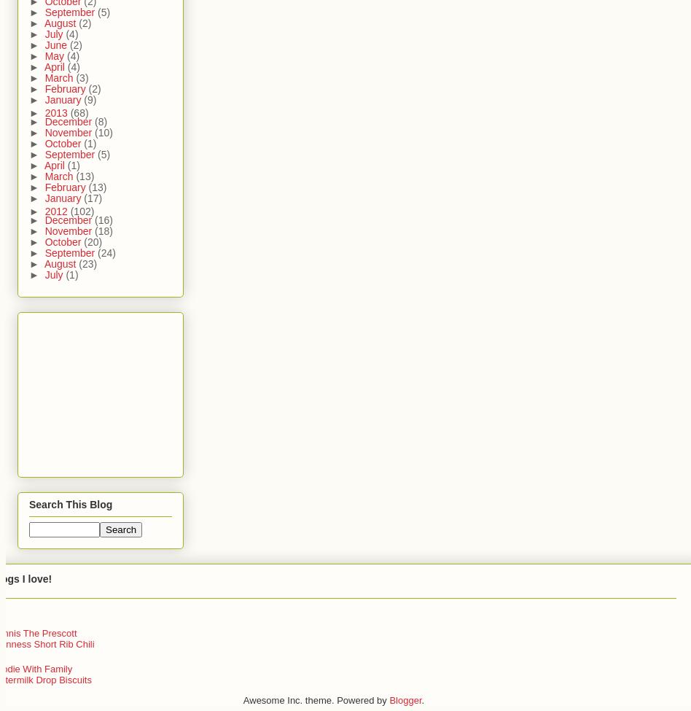 The image size is (691, 711). What do you see at coordinates (87, 263) in the screenshot?
I see `'(23)'` at bounding box center [87, 263].